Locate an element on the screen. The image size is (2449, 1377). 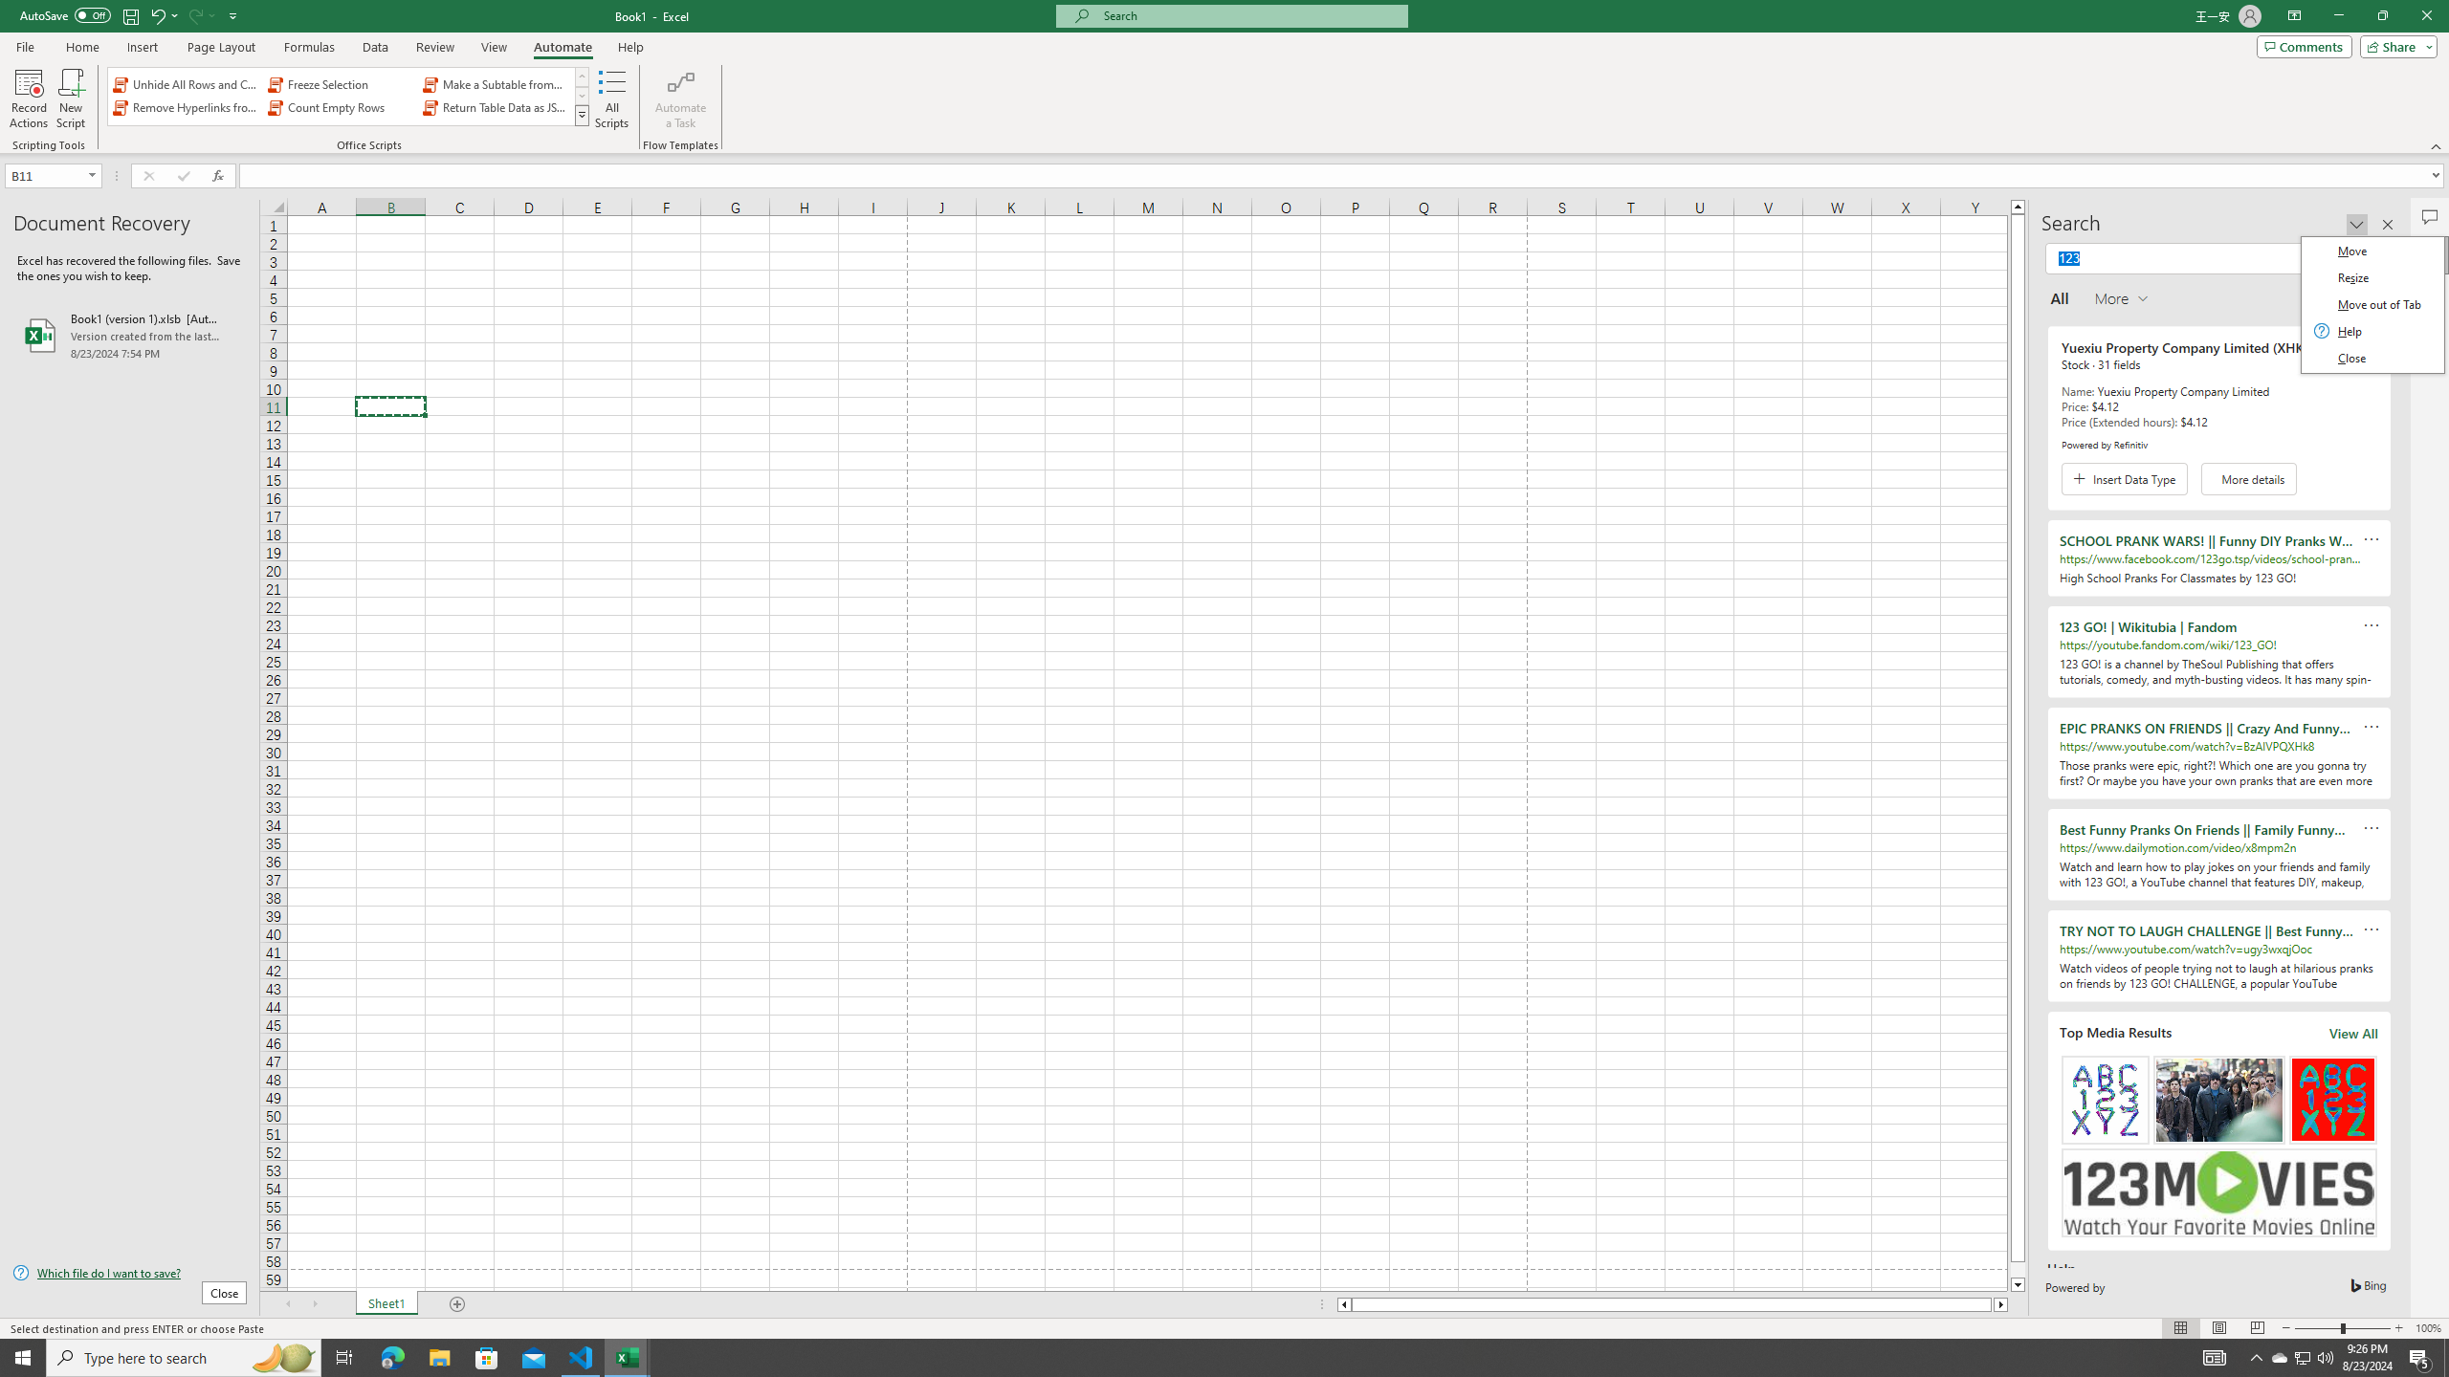
'File Explorer' is located at coordinates (438, 1356).